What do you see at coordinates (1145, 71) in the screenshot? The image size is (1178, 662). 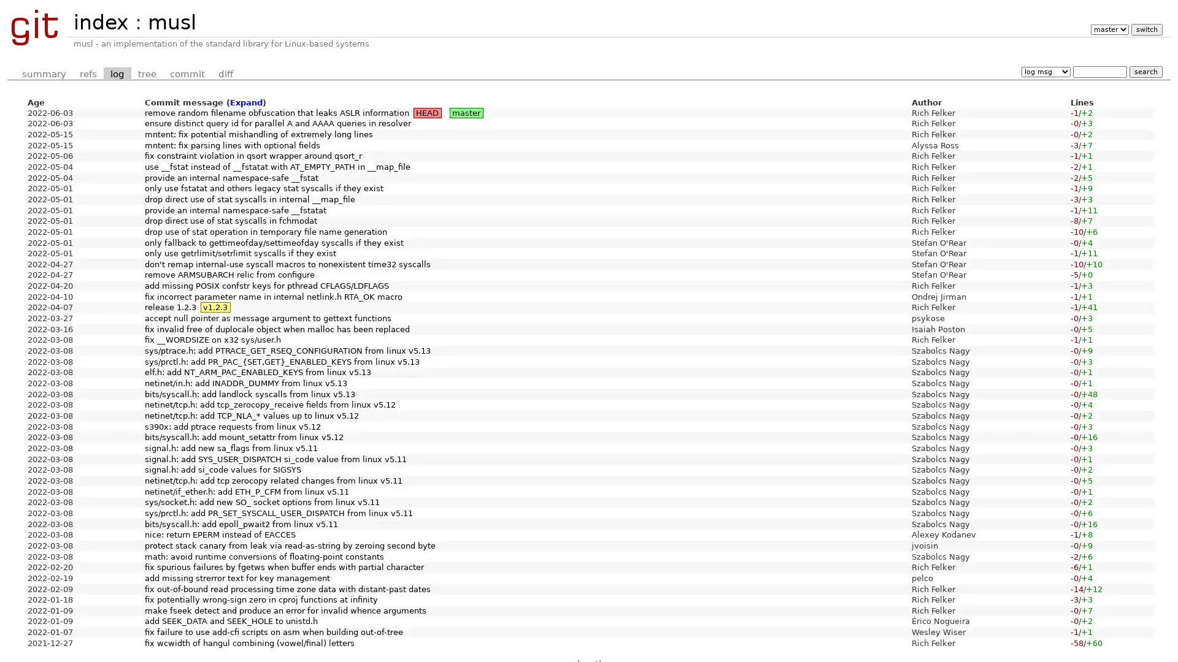 I see `search` at bounding box center [1145, 71].